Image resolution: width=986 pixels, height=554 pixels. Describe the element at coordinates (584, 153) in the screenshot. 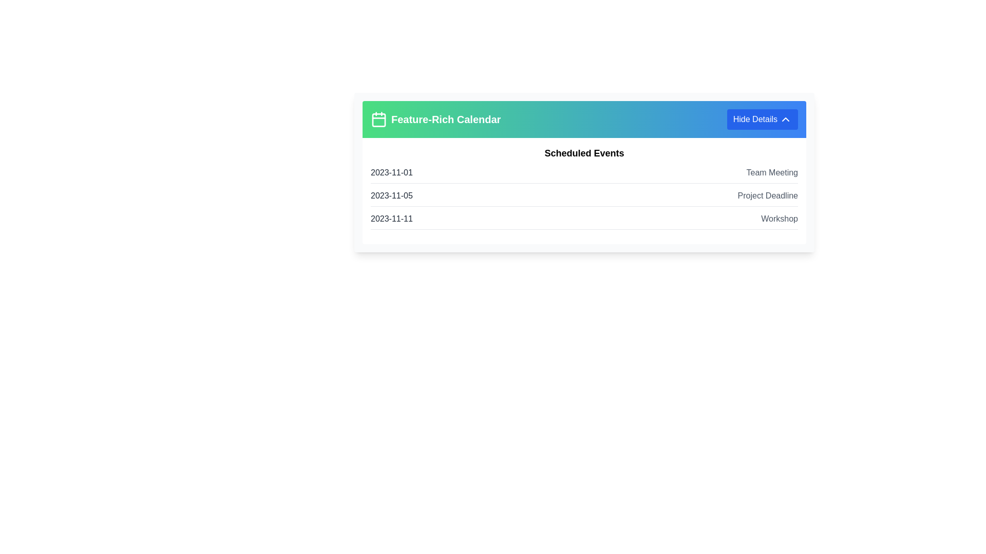

I see `the text label displaying 'Scheduled Events', which is a prominently styled header located above a list of scheduled events` at that location.